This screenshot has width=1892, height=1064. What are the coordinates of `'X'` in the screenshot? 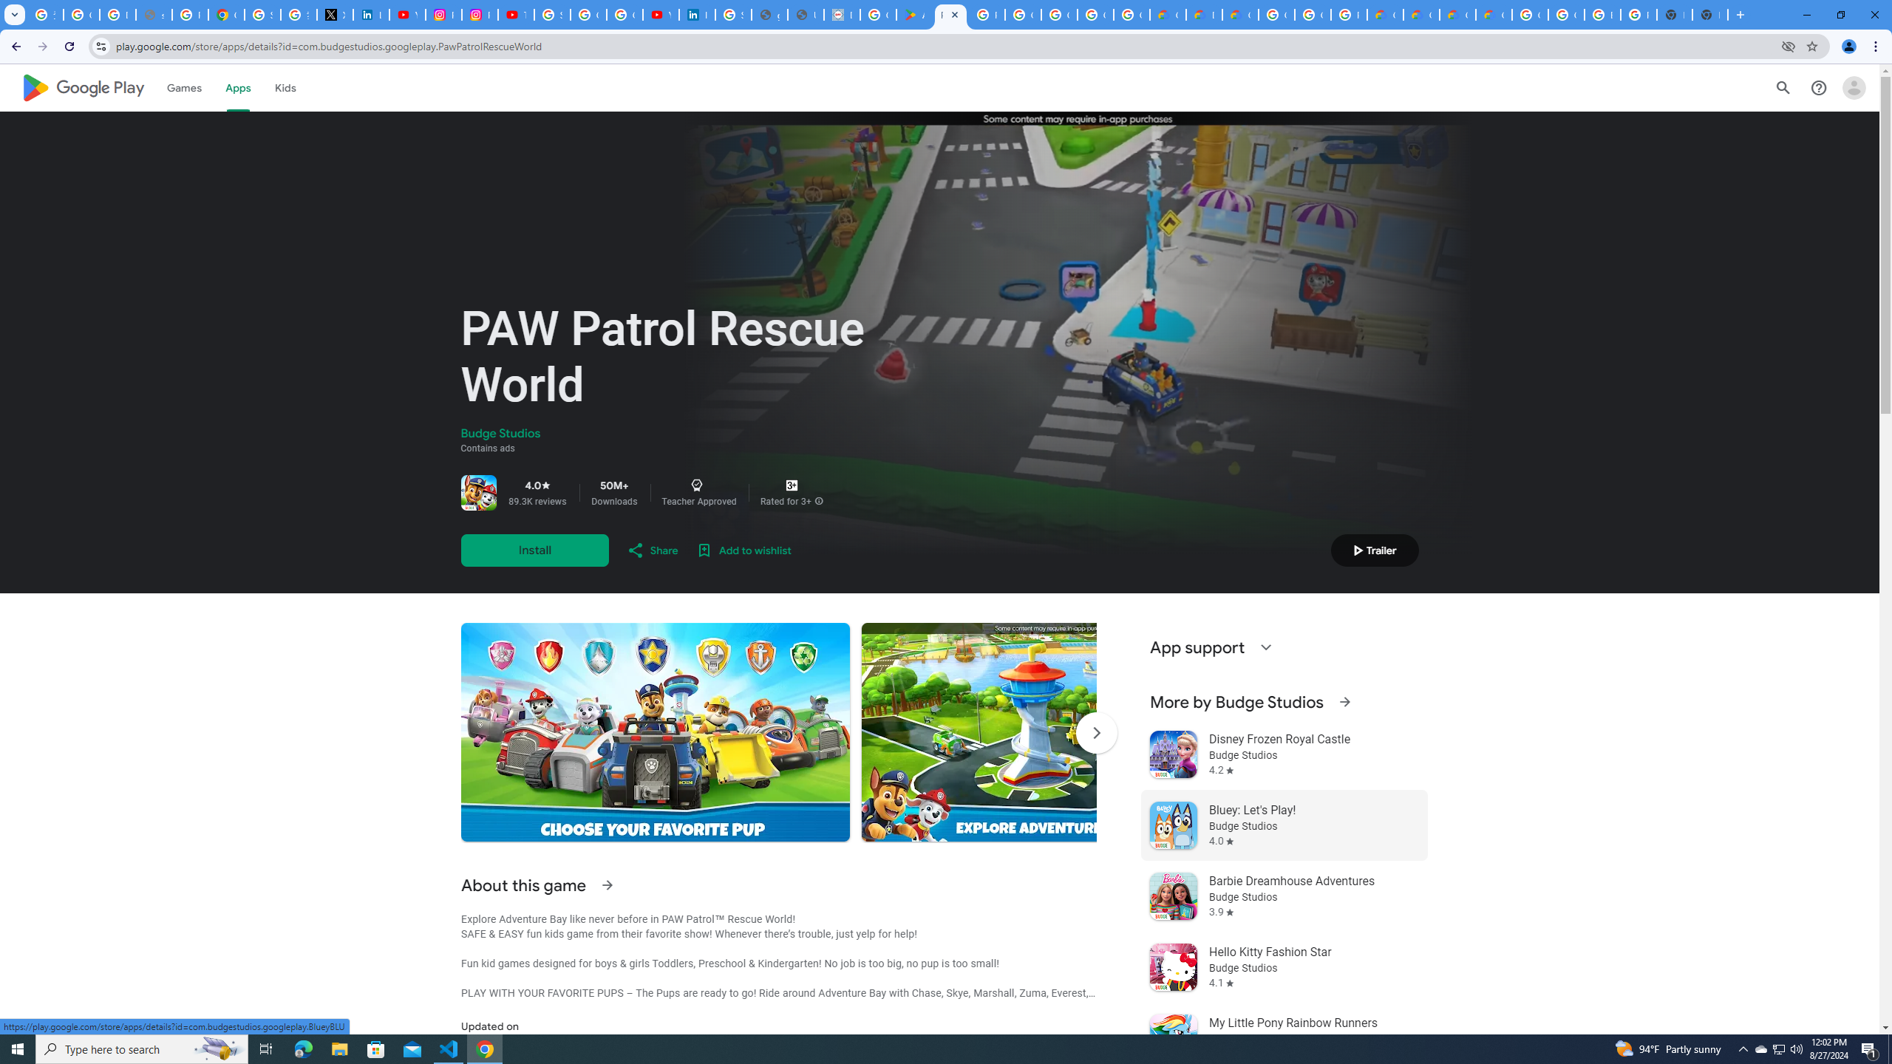 It's located at (334, 14).